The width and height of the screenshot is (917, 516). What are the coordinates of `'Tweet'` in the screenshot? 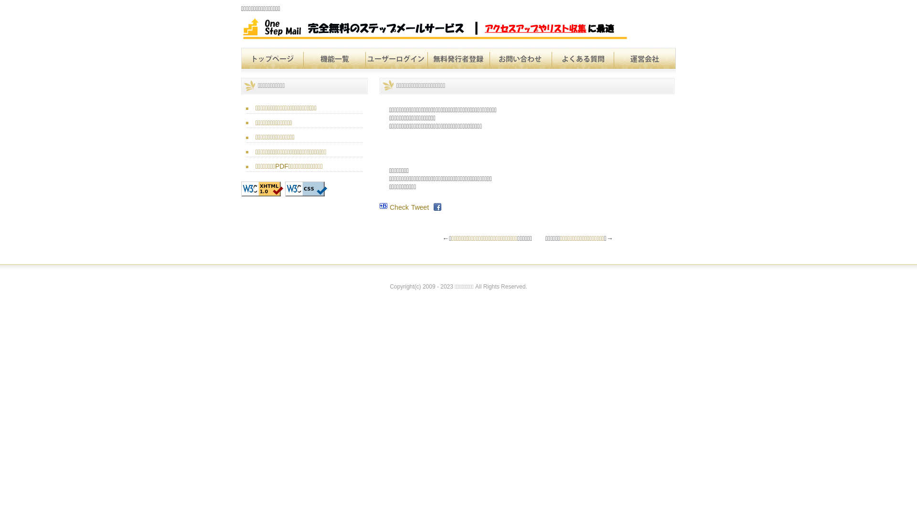 It's located at (420, 207).